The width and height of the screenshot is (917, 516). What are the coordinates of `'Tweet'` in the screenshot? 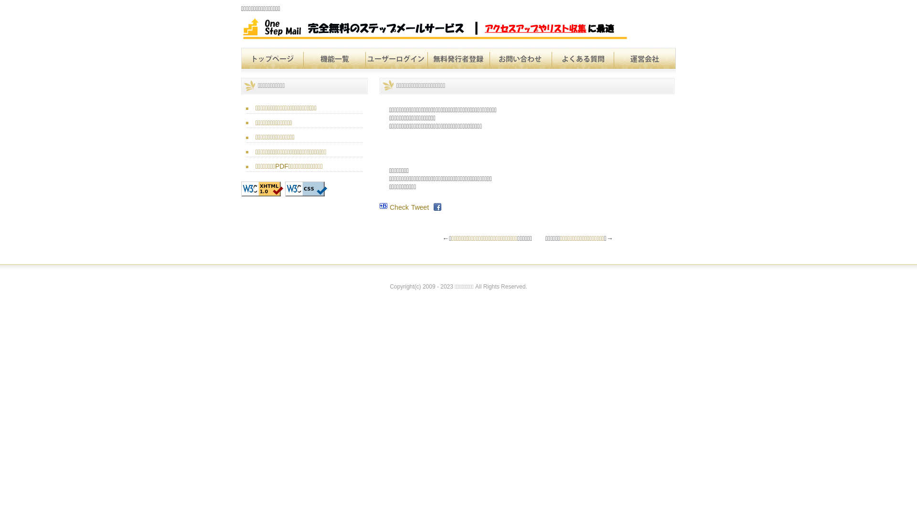 It's located at (420, 207).